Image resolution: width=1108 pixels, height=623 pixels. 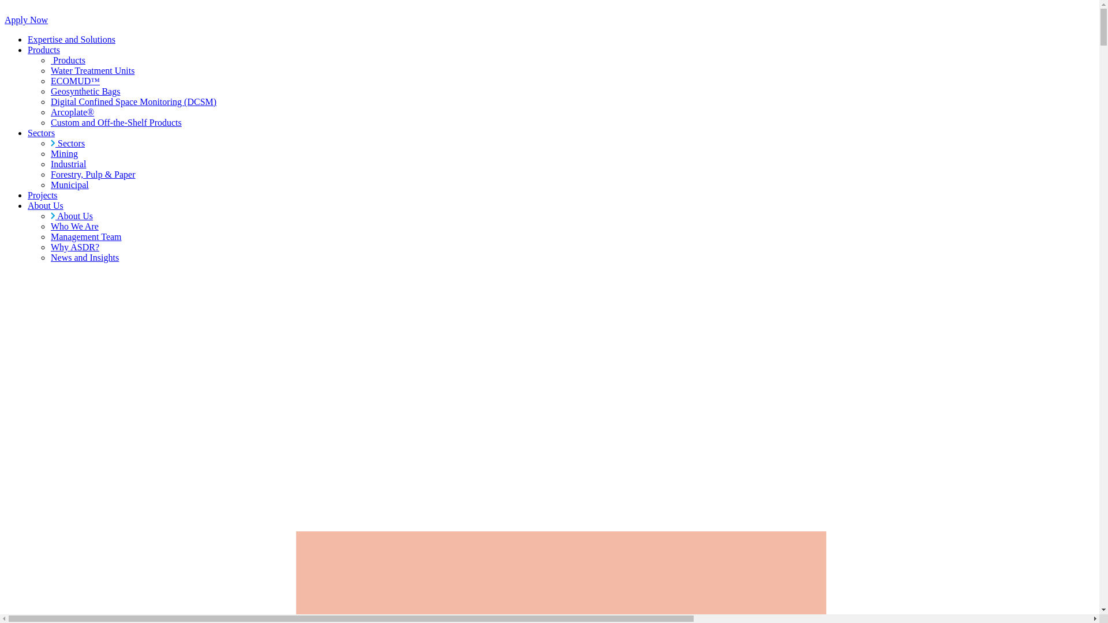 What do you see at coordinates (133, 101) in the screenshot?
I see `'Digital Confined Space Monitoring (DCSM)'` at bounding box center [133, 101].